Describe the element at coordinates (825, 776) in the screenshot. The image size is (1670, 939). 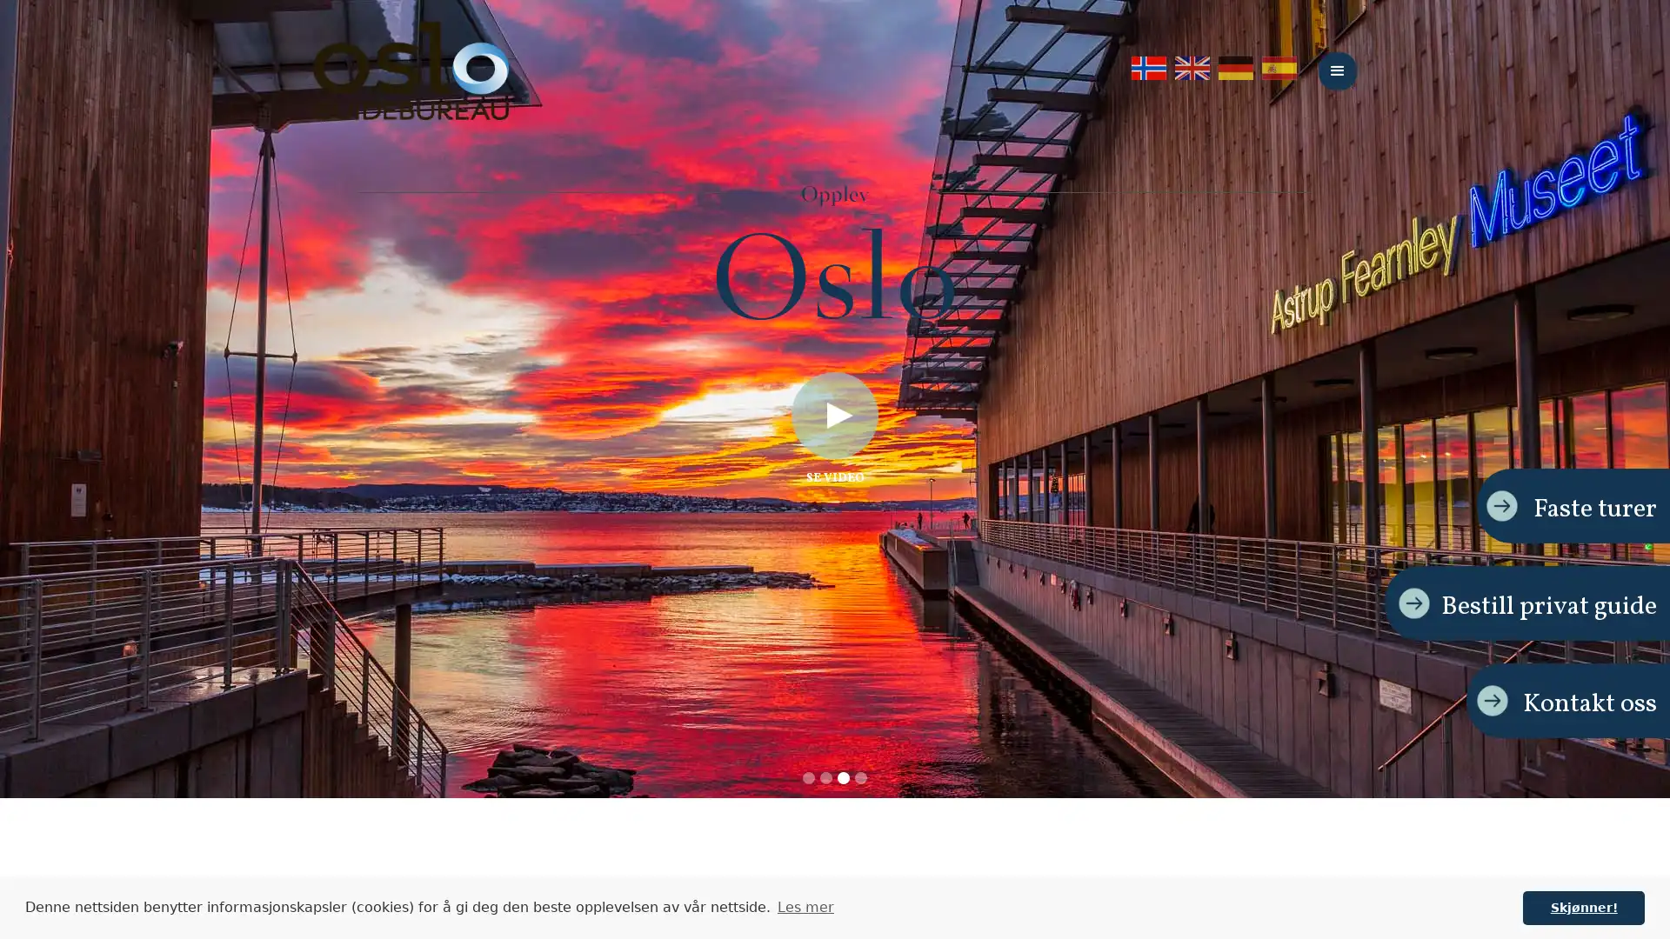
I see `Show slide 2 of 4` at that location.